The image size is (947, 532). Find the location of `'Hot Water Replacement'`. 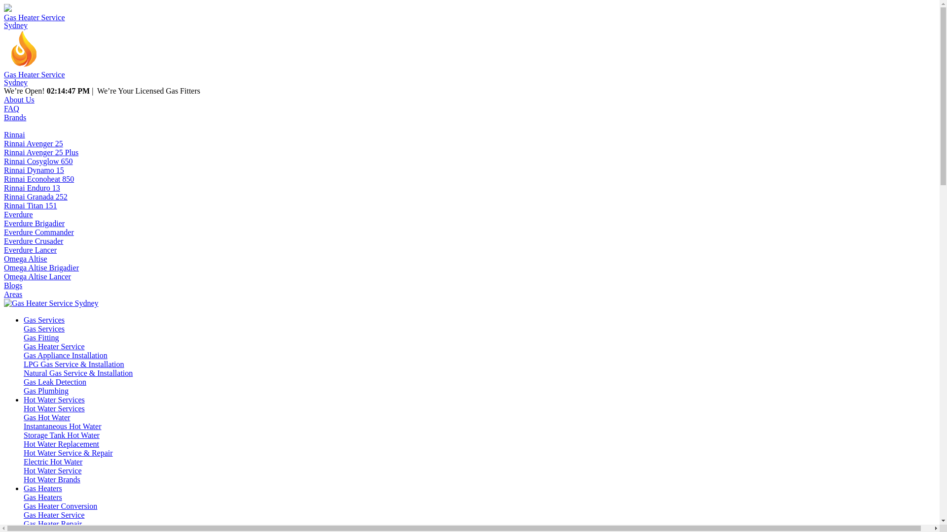

'Hot Water Replacement' is located at coordinates (24, 444).